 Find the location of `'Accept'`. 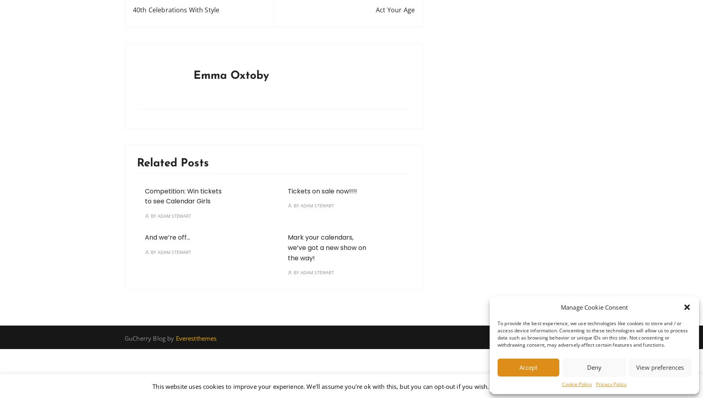

'Accept' is located at coordinates (495, 386).